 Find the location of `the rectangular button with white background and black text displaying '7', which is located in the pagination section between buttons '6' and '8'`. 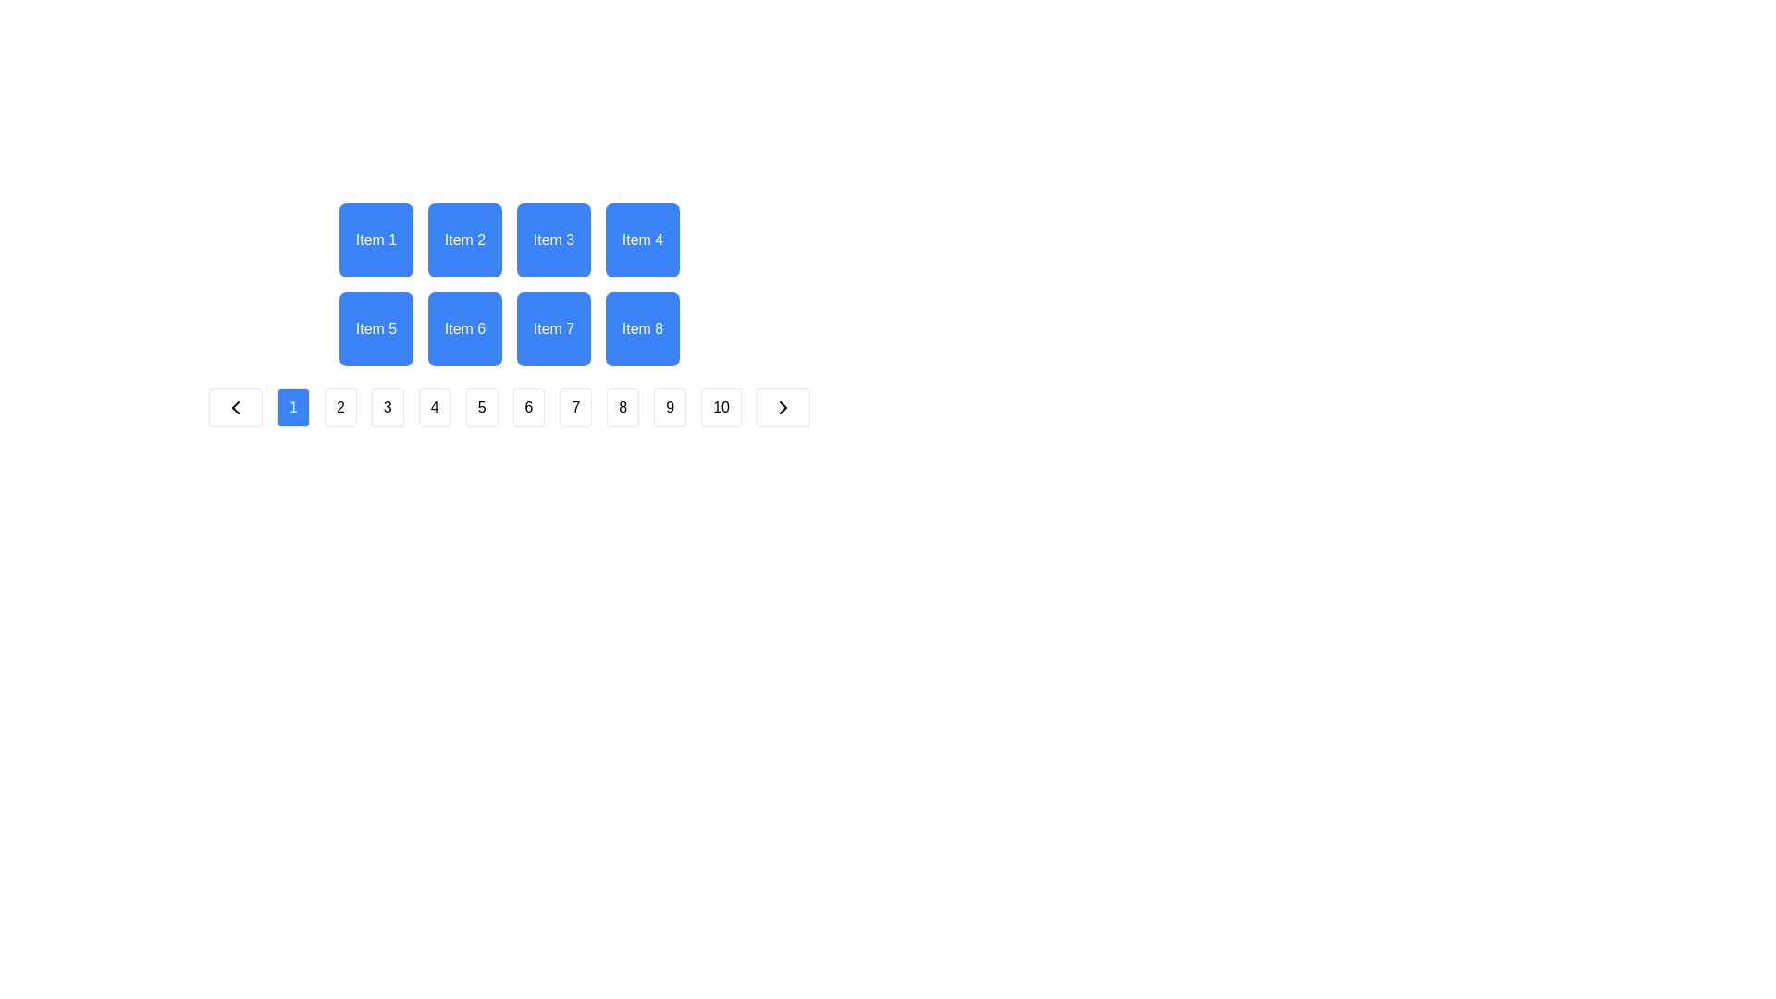

the rectangular button with white background and black text displaying '7', which is located in the pagination section between buttons '6' and '8' is located at coordinates (574, 406).